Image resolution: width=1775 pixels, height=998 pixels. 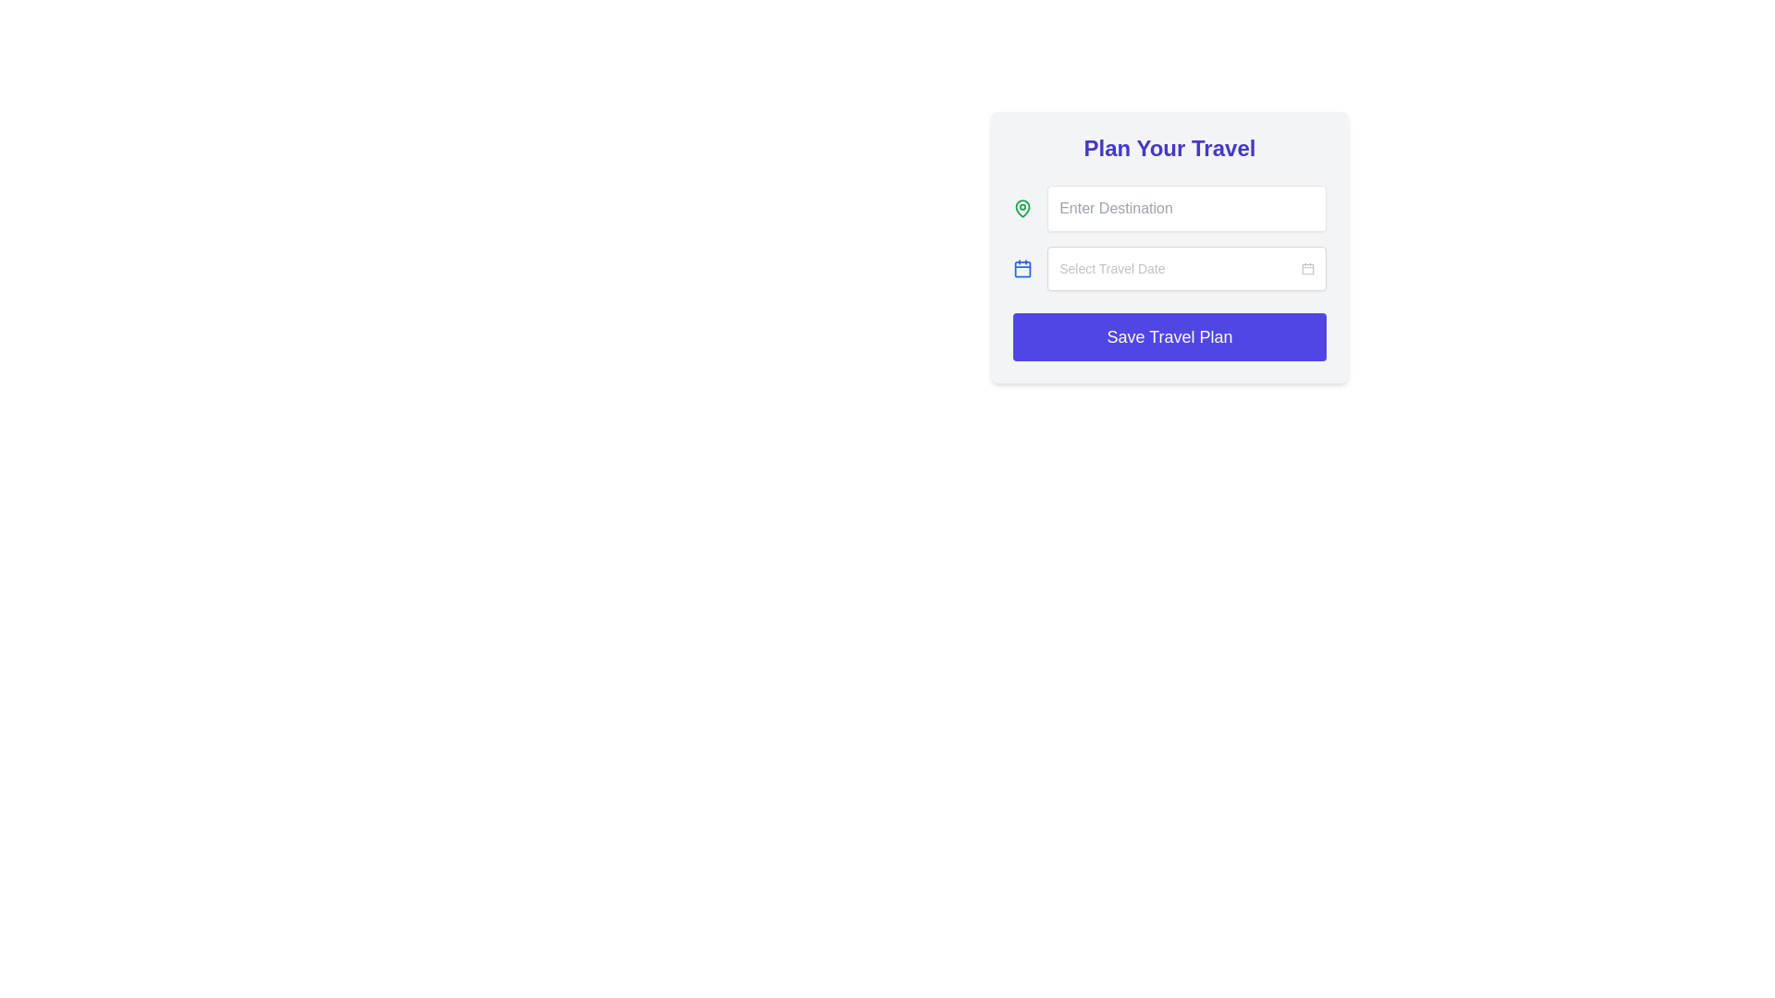 I want to click on the calendar icon located at the end of the 'Select Travel Date' text input field in the 'Plan Your Travel' section, so click(x=1307, y=268).